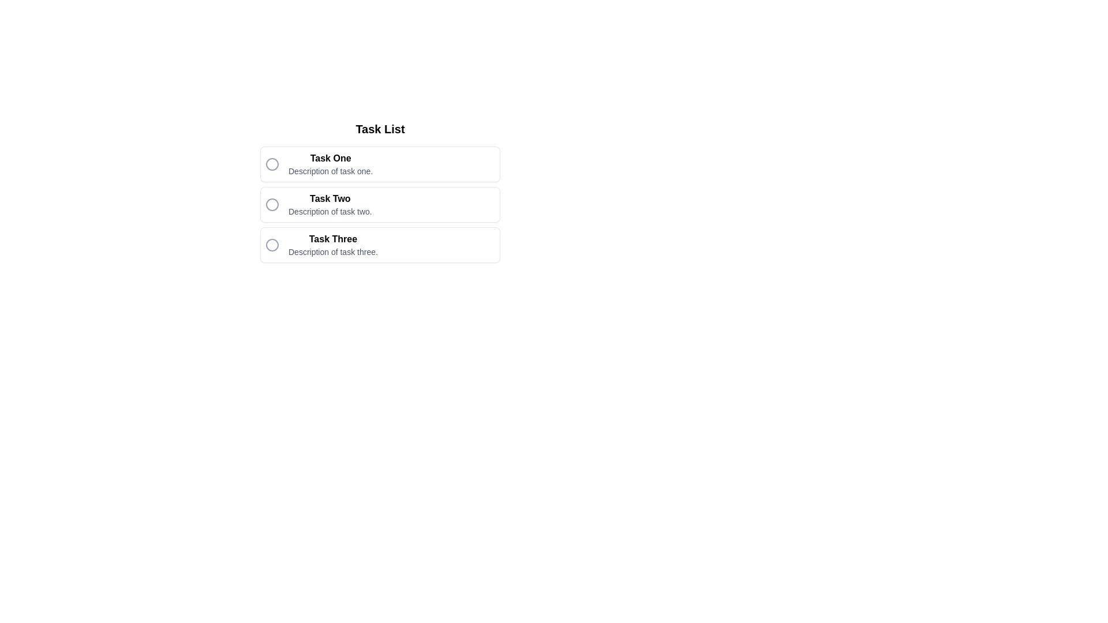 The image size is (1108, 623). I want to click on the text block containing the title 'Task Three' and subtitle 'Description of task three.', which is the third item in the vertical list of tasks, so click(332, 244).